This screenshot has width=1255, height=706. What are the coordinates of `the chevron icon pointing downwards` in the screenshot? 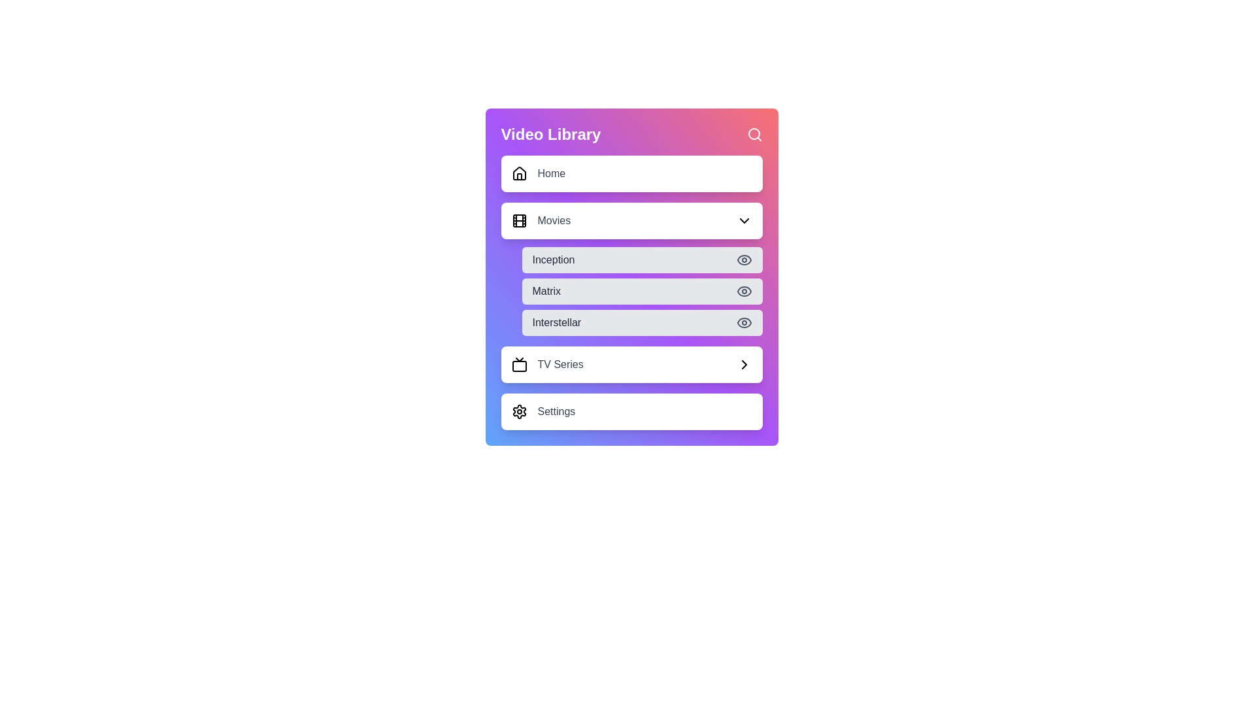 It's located at (744, 220).